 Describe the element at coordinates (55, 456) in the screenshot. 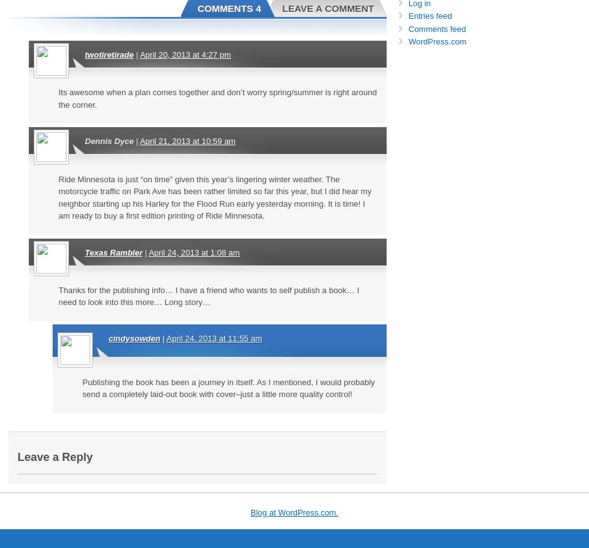

I see `'Leave a Reply'` at that location.